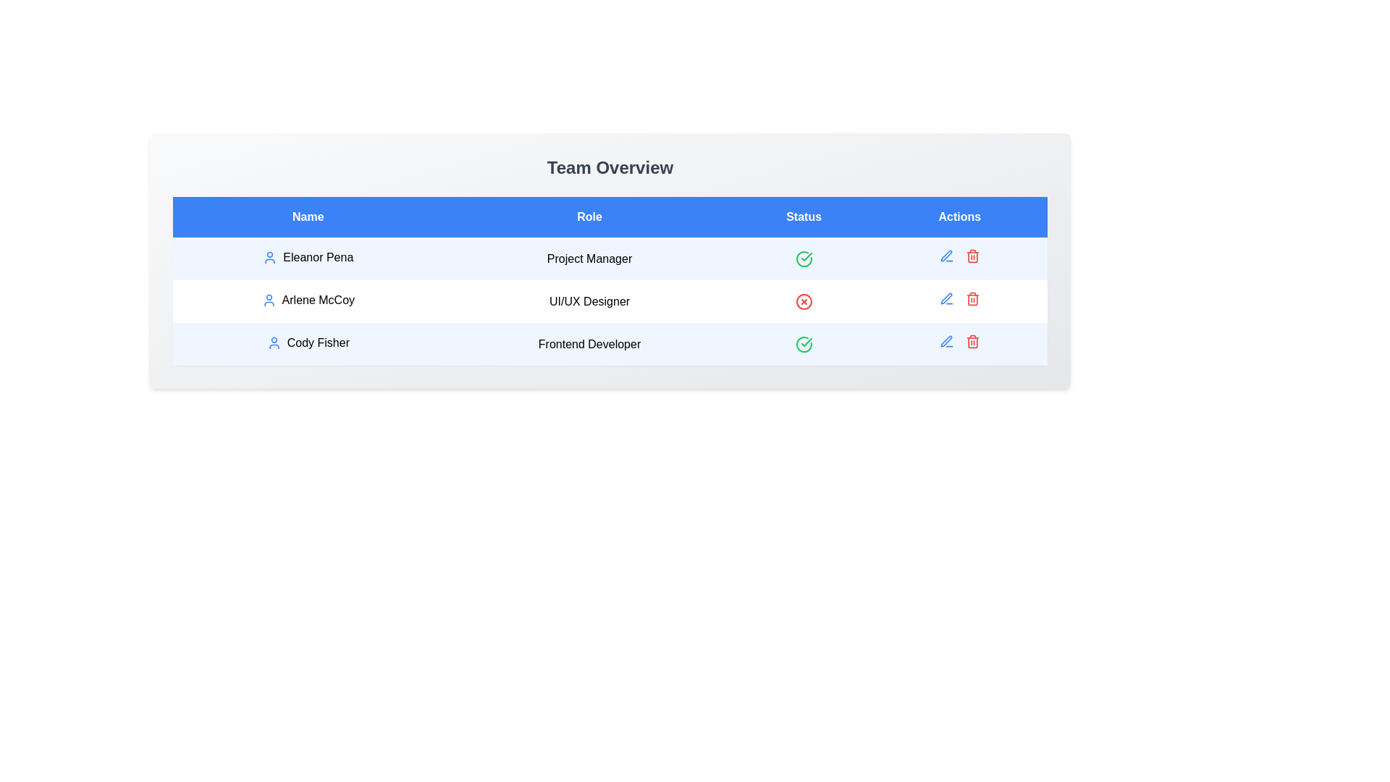 This screenshot has height=782, width=1390. I want to click on the status marker icon in the fourth column of the second row, associated with the entry for 'Arlene McCoy, UI/UX Designer', so click(803, 300).